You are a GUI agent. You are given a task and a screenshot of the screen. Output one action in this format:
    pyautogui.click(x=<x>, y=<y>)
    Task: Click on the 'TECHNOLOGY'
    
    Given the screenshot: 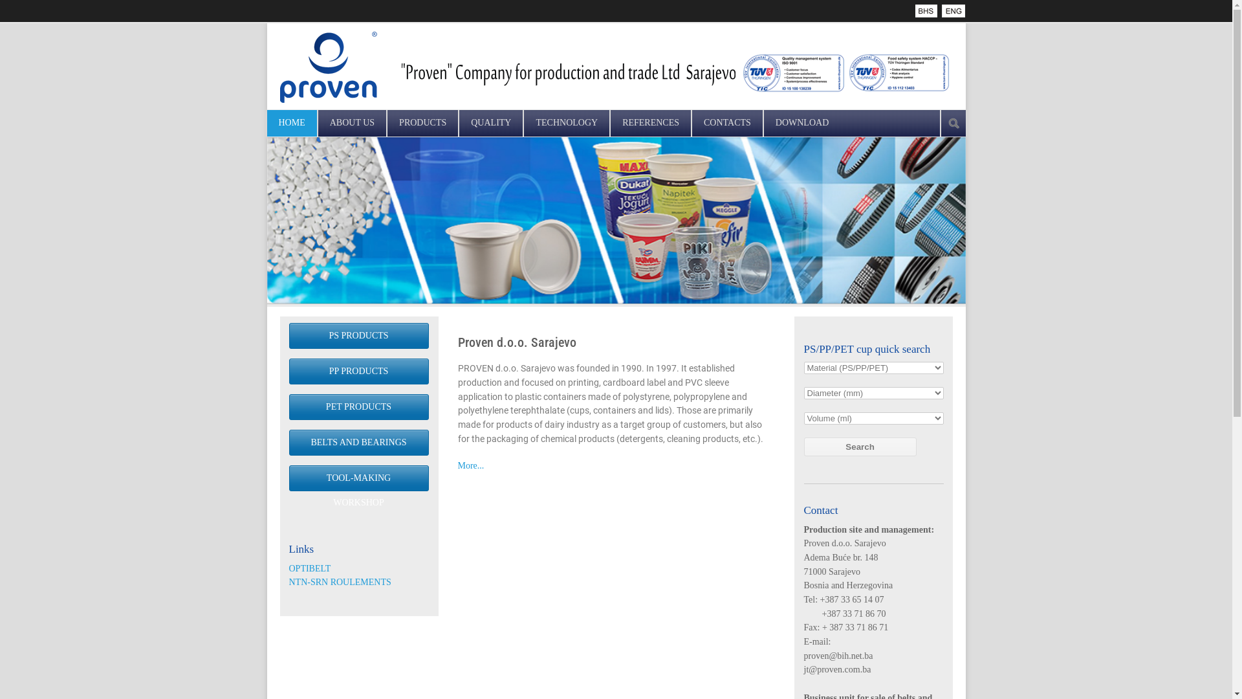 What is the action you would take?
    pyautogui.click(x=566, y=123)
    